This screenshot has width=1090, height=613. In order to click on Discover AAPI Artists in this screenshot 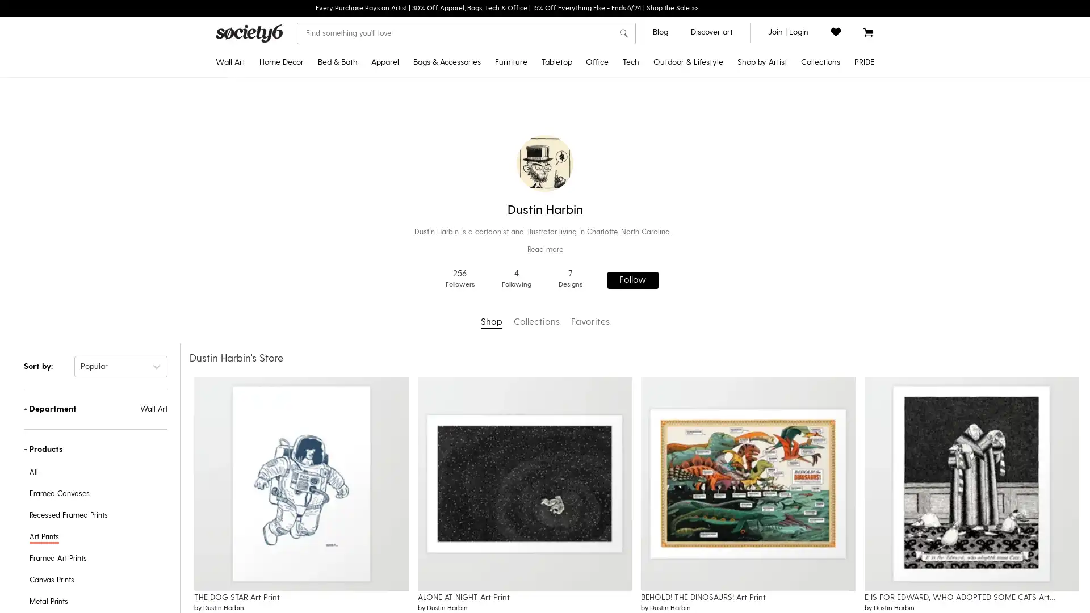, I will do `click(731, 164)`.